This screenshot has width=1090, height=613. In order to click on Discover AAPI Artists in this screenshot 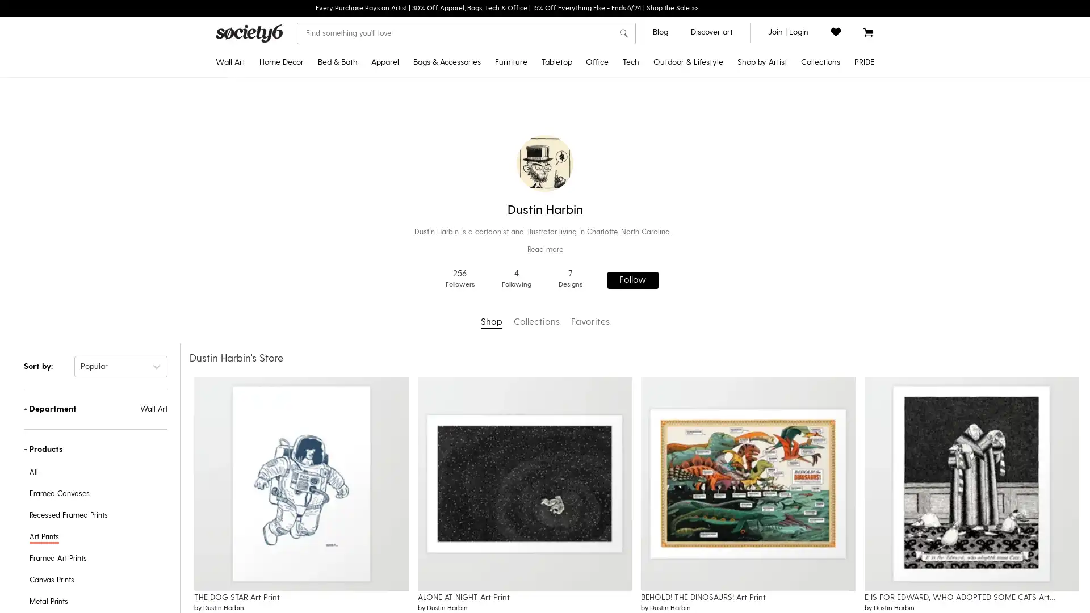, I will do `click(731, 164)`.